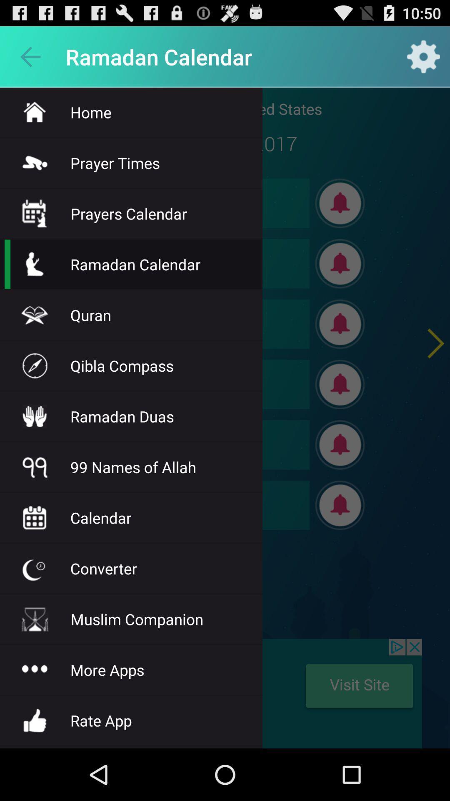  Describe the element at coordinates (340, 282) in the screenshot. I see `the notifications icon` at that location.